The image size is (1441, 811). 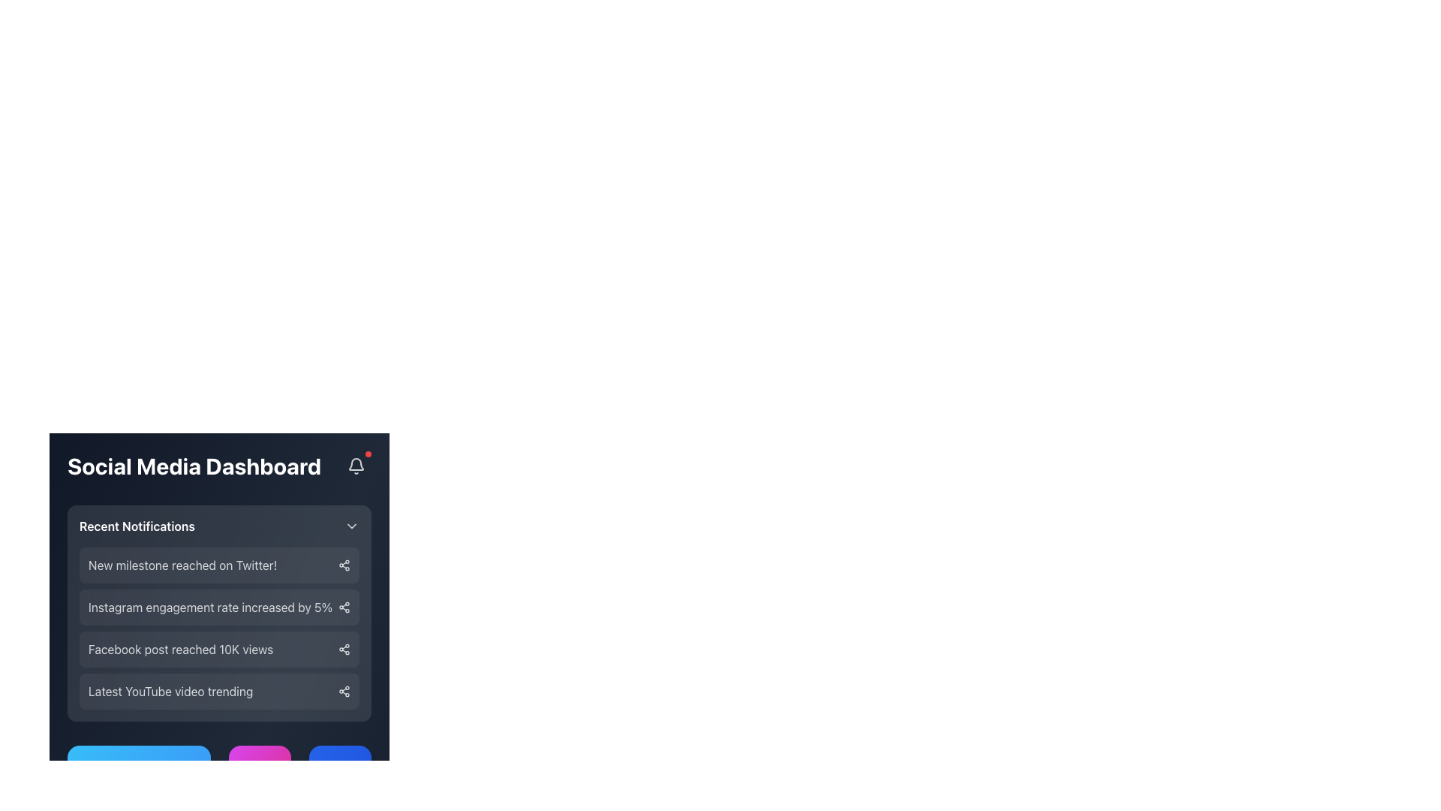 I want to click on the share icon located on the rightmost part of the notification line for 'Instagram engagement rate increased by 5%' in the Recent Notifications section of the Social Media Dashboard to initiate a share action, so click(x=344, y=607).